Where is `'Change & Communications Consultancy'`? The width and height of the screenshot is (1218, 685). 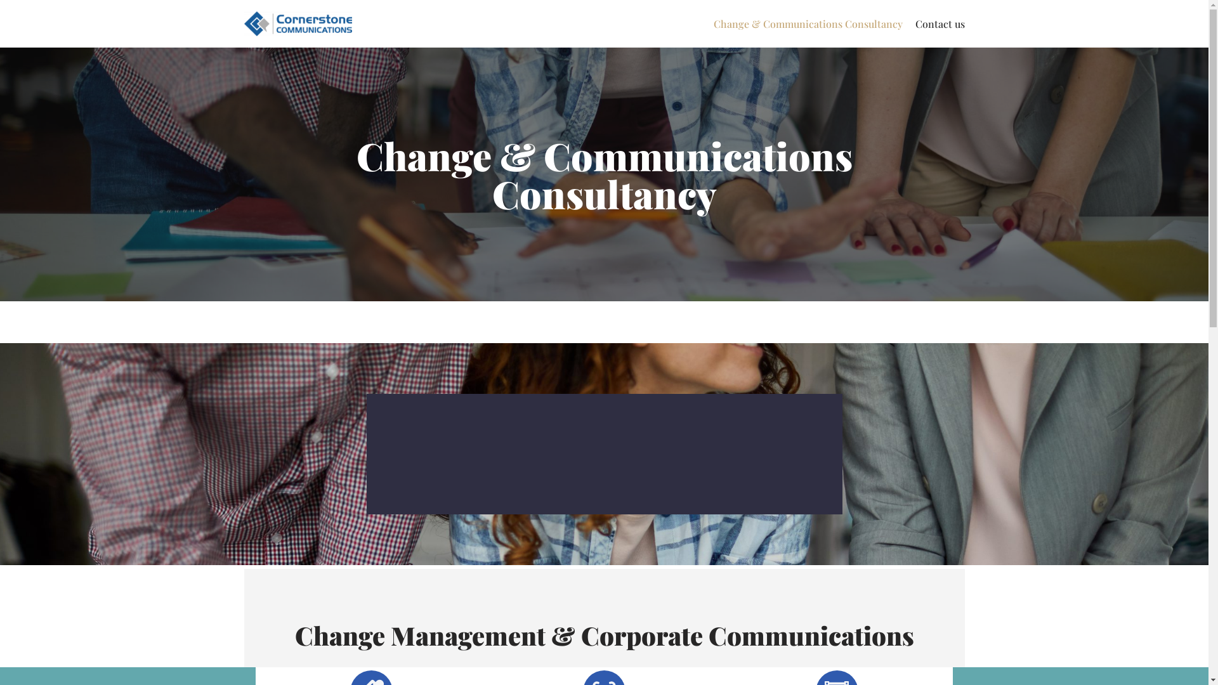
'Change & Communications Consultancy' is located at coordinates (806, 24).